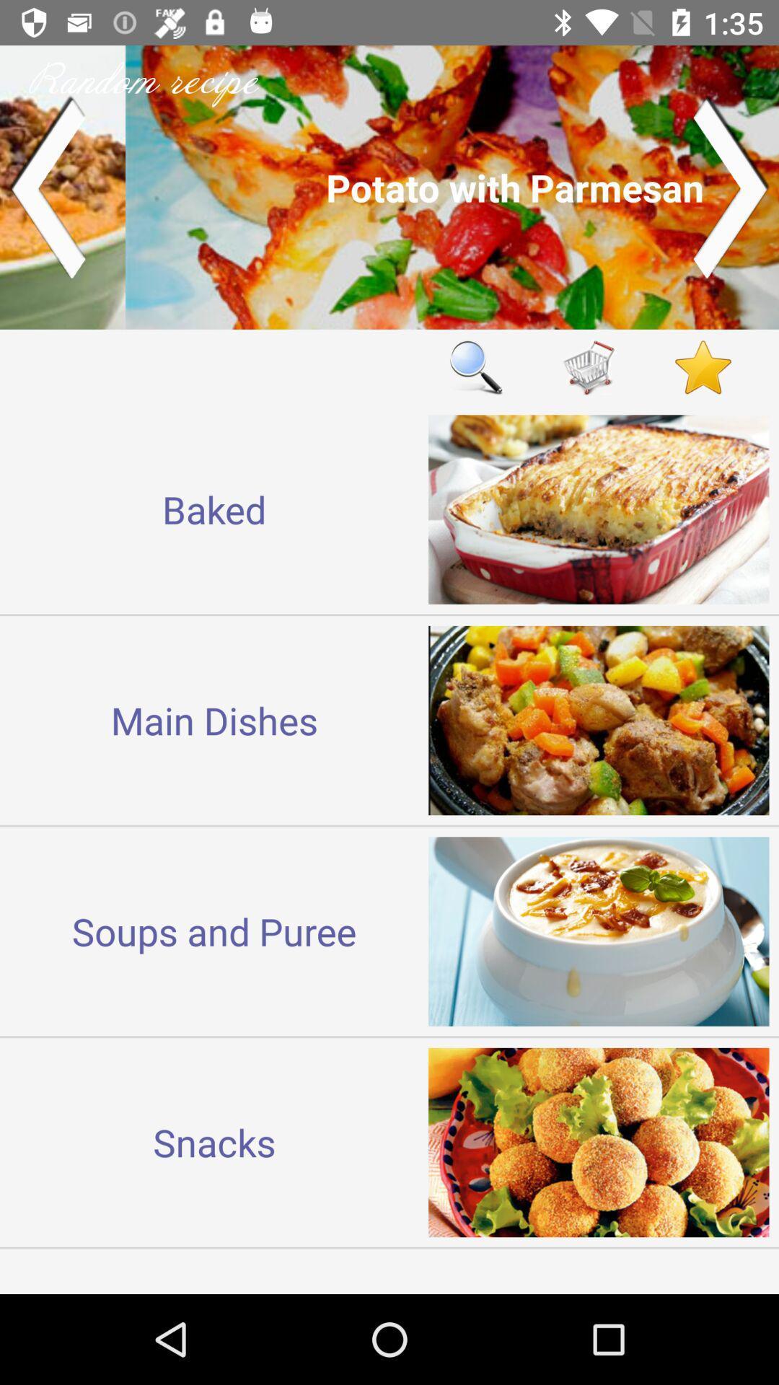  What do you see at coordinates (731, 186) in the screenshot?
I see `next option` at bounding box center [731, 186].